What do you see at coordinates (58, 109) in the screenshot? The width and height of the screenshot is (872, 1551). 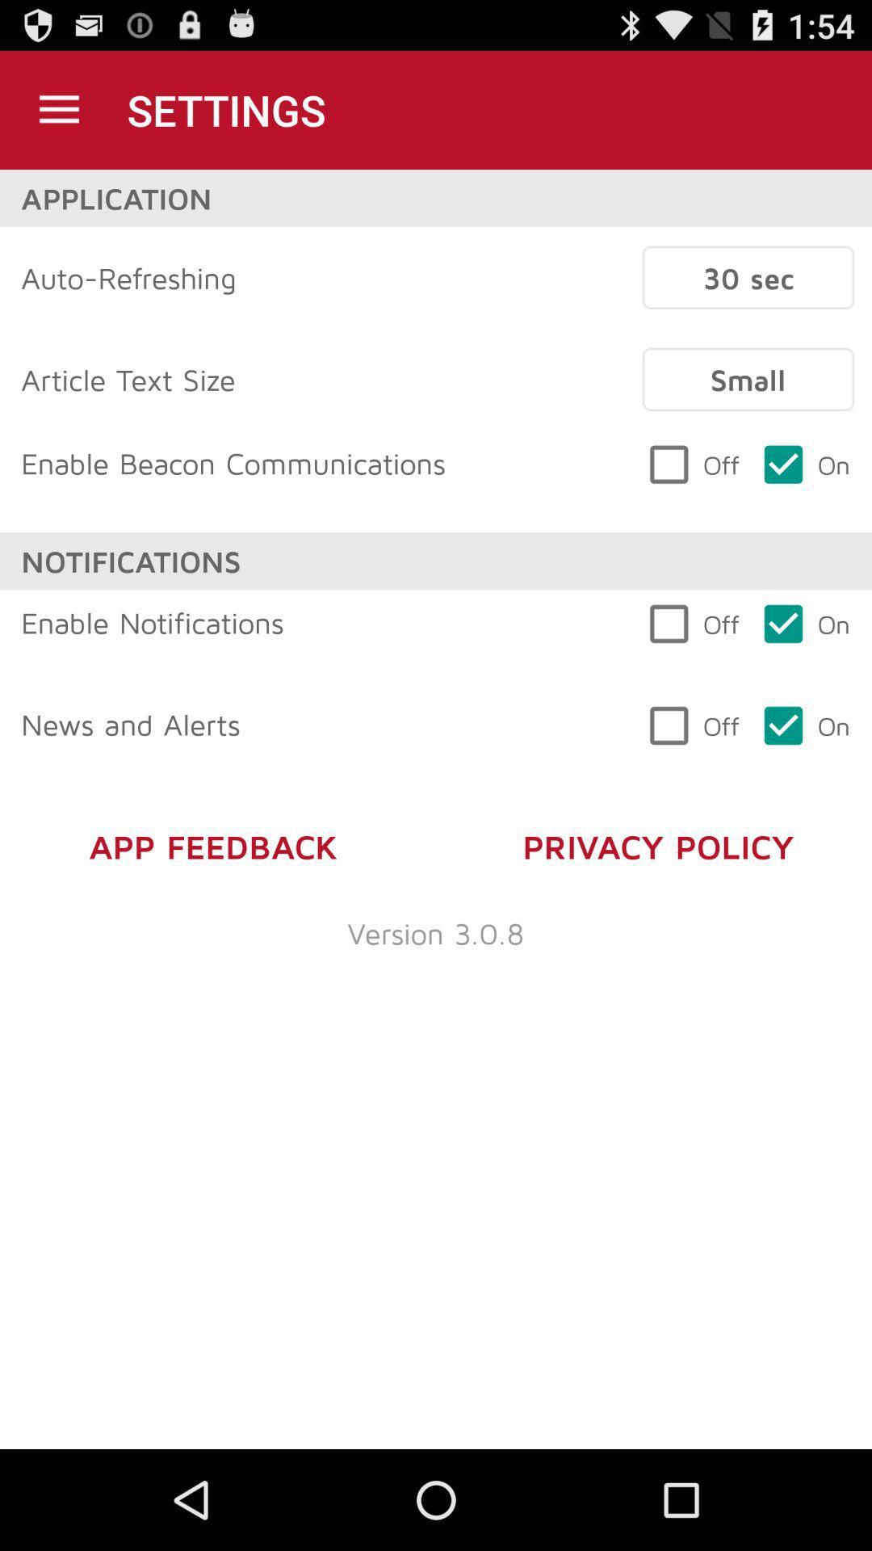 I see `the app next to the settings` at bounding box center [58, 109].